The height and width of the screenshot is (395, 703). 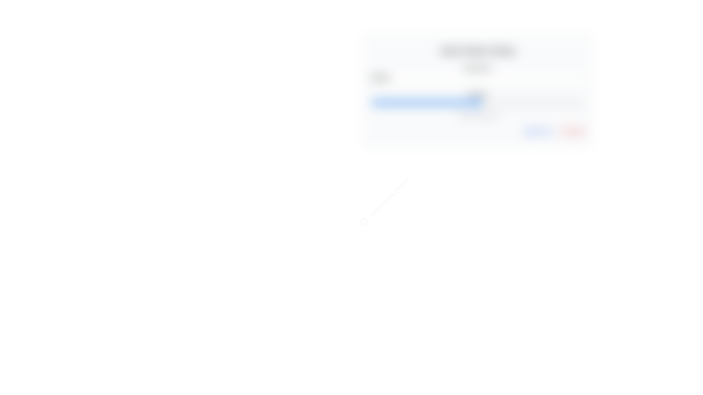 I want to click on the slider value, so click(x=560, y=103).